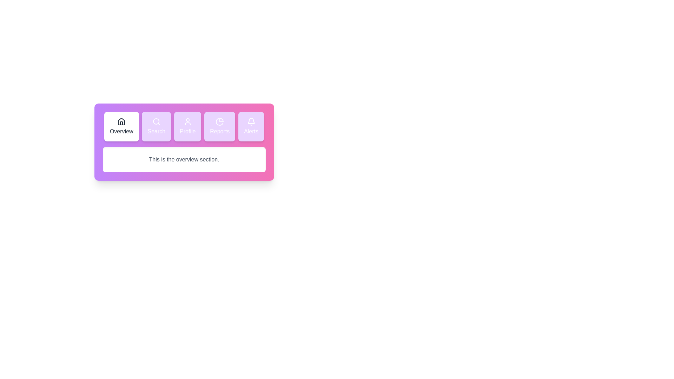 The height and width of the screenshot is (379, 674). What do you see at coordinates (156, 127) in the screenshot?
I see `the search button located between the 'Overview' button and the 'Profile' button` at bounding box center [156, 127].